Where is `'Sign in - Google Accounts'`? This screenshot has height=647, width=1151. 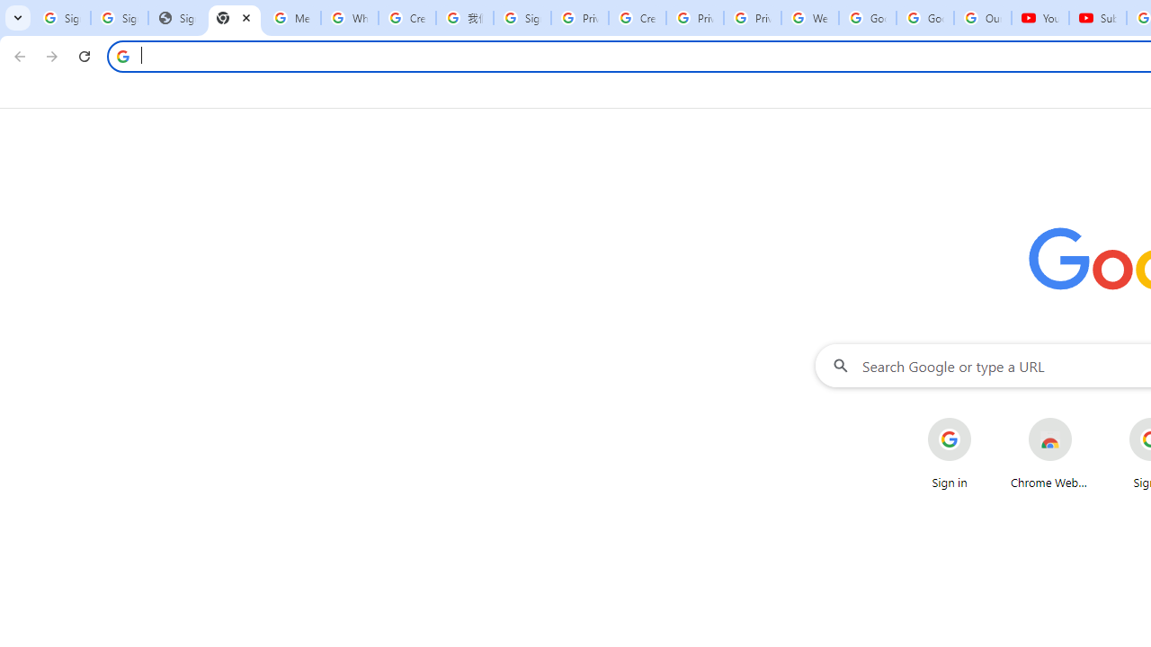 'Sign in - Google Accounts' is located at coordinates (522, 18).